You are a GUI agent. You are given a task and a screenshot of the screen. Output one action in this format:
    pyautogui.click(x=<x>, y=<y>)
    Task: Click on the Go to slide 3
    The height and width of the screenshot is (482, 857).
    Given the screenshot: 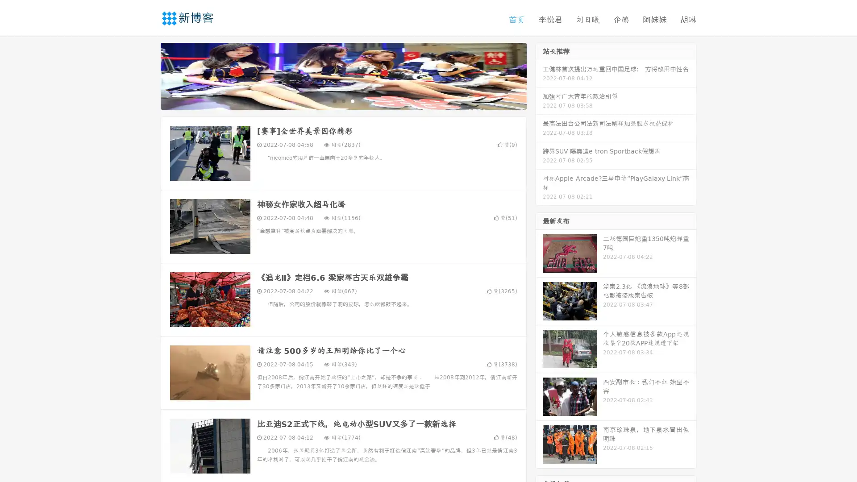 What is the action you would take?
    pyautogui.click(x=352, y=100)
    